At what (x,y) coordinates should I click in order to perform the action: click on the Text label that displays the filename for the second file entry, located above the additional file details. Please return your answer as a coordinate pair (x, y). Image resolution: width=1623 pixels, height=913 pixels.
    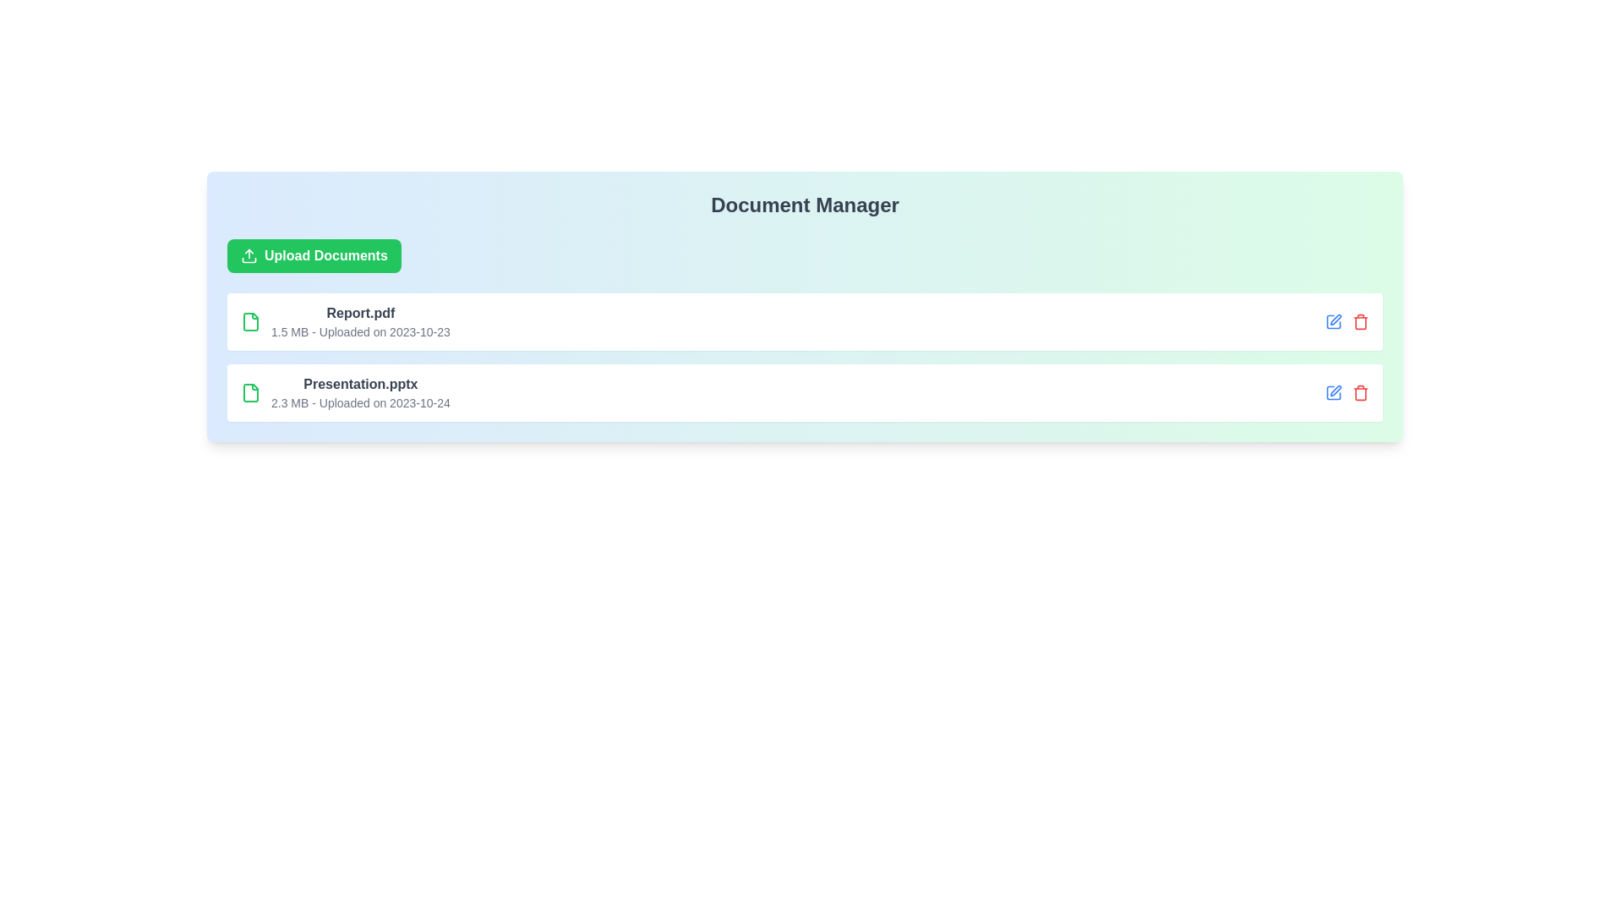
    Looking at the image, I should click on (359, 385).